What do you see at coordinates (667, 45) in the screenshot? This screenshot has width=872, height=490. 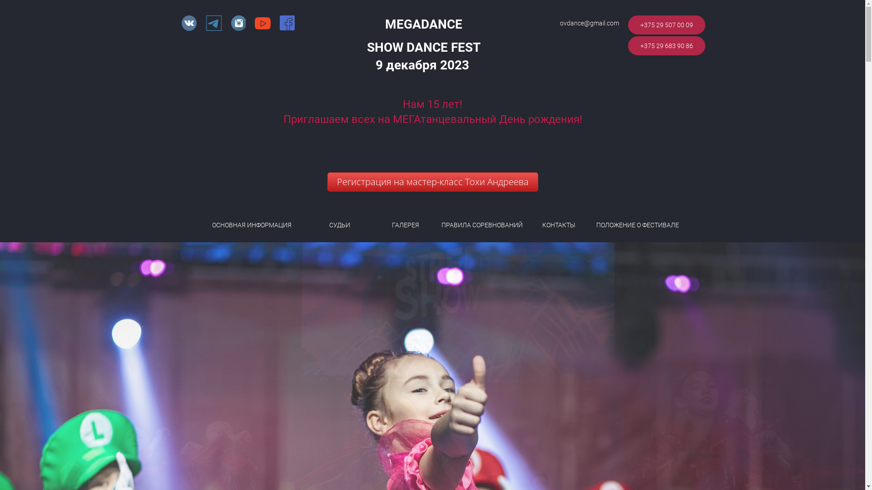 I see `'+375 29 683 90 86'` at bounding box center [667, 45].